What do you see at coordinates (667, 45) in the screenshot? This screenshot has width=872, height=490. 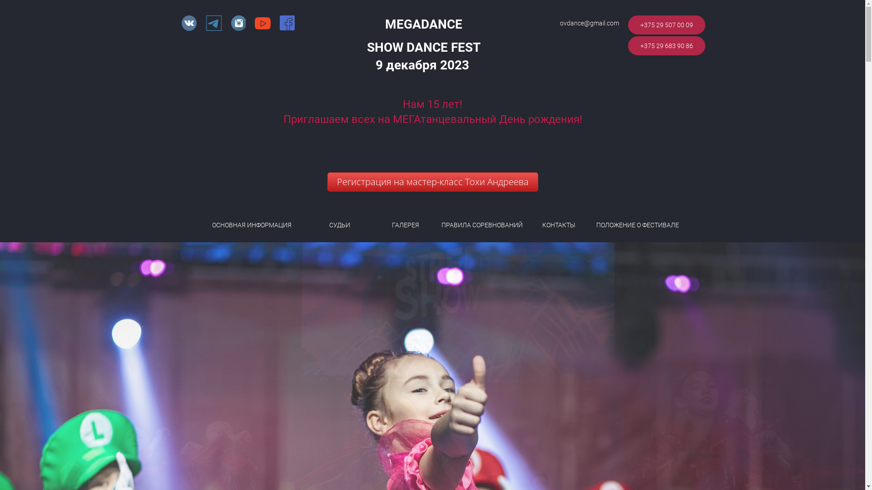 I see `'+375 29 683 90 86'` at bounding box center [667, 45].